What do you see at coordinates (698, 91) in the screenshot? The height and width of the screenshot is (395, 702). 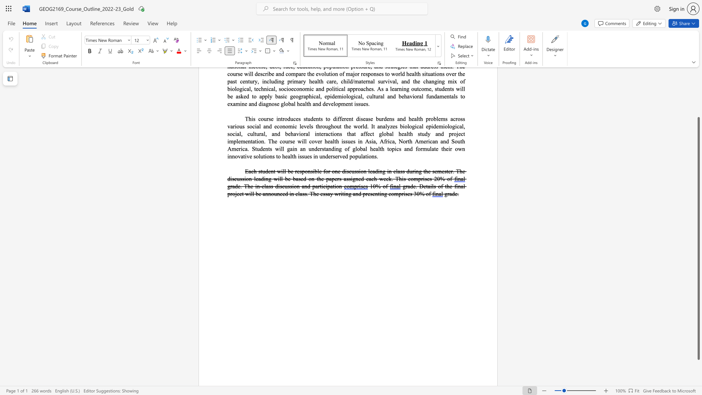 I see `the scrollbar on the right to move the page upward` at bounding box center [698, 91].